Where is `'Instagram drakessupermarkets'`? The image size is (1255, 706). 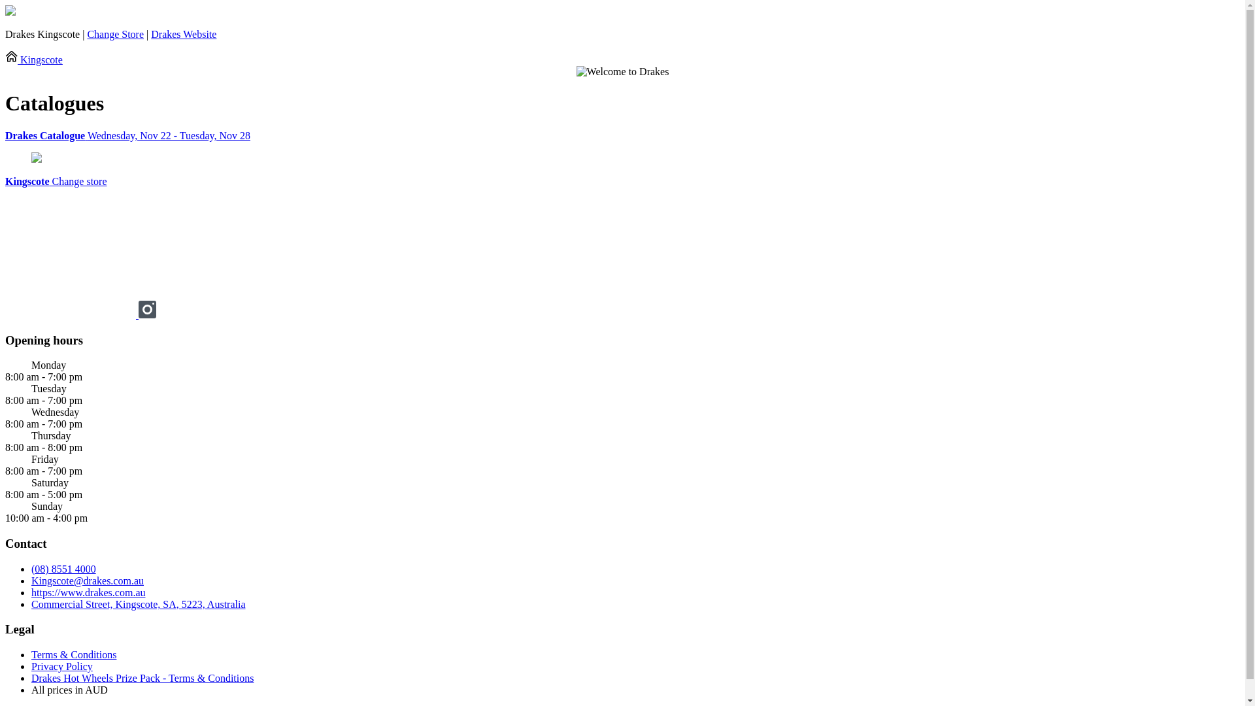
'Instagram drakessupermarkets' is located at coordinates (147, 314).